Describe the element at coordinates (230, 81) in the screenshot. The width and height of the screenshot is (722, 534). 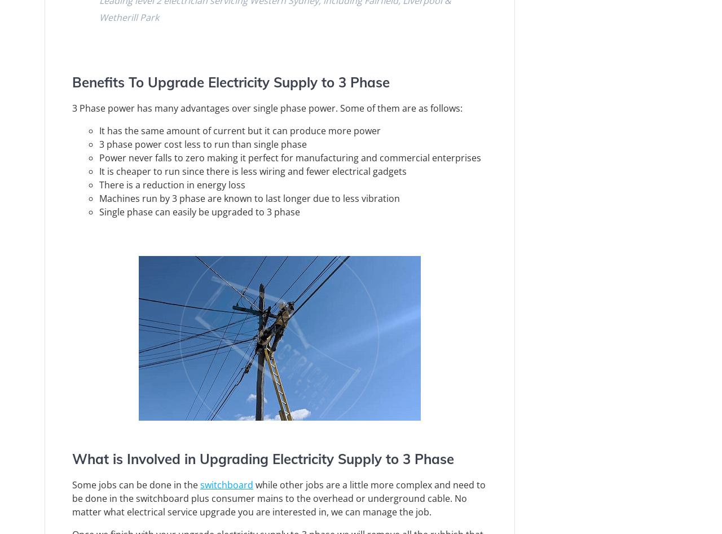
I see `'Benefits To Upgrade Electricity Supply to 3 Phase'` at that location.